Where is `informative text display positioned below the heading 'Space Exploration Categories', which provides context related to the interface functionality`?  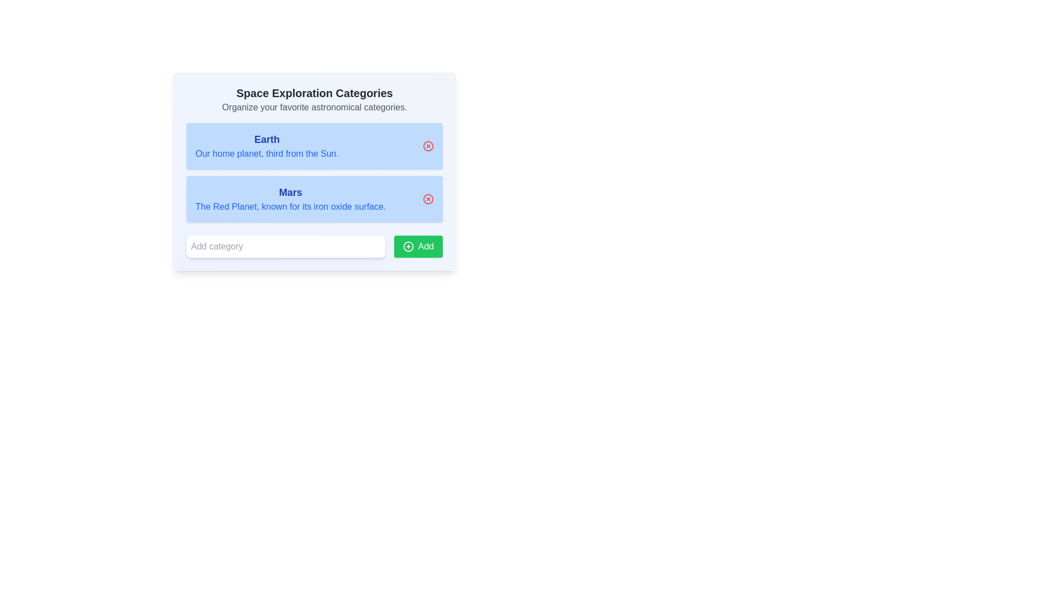 informative text display positioned below the heading 'Space Exploration Categories', which provides context related to the interface functionality is located at coordinates (314, 108).